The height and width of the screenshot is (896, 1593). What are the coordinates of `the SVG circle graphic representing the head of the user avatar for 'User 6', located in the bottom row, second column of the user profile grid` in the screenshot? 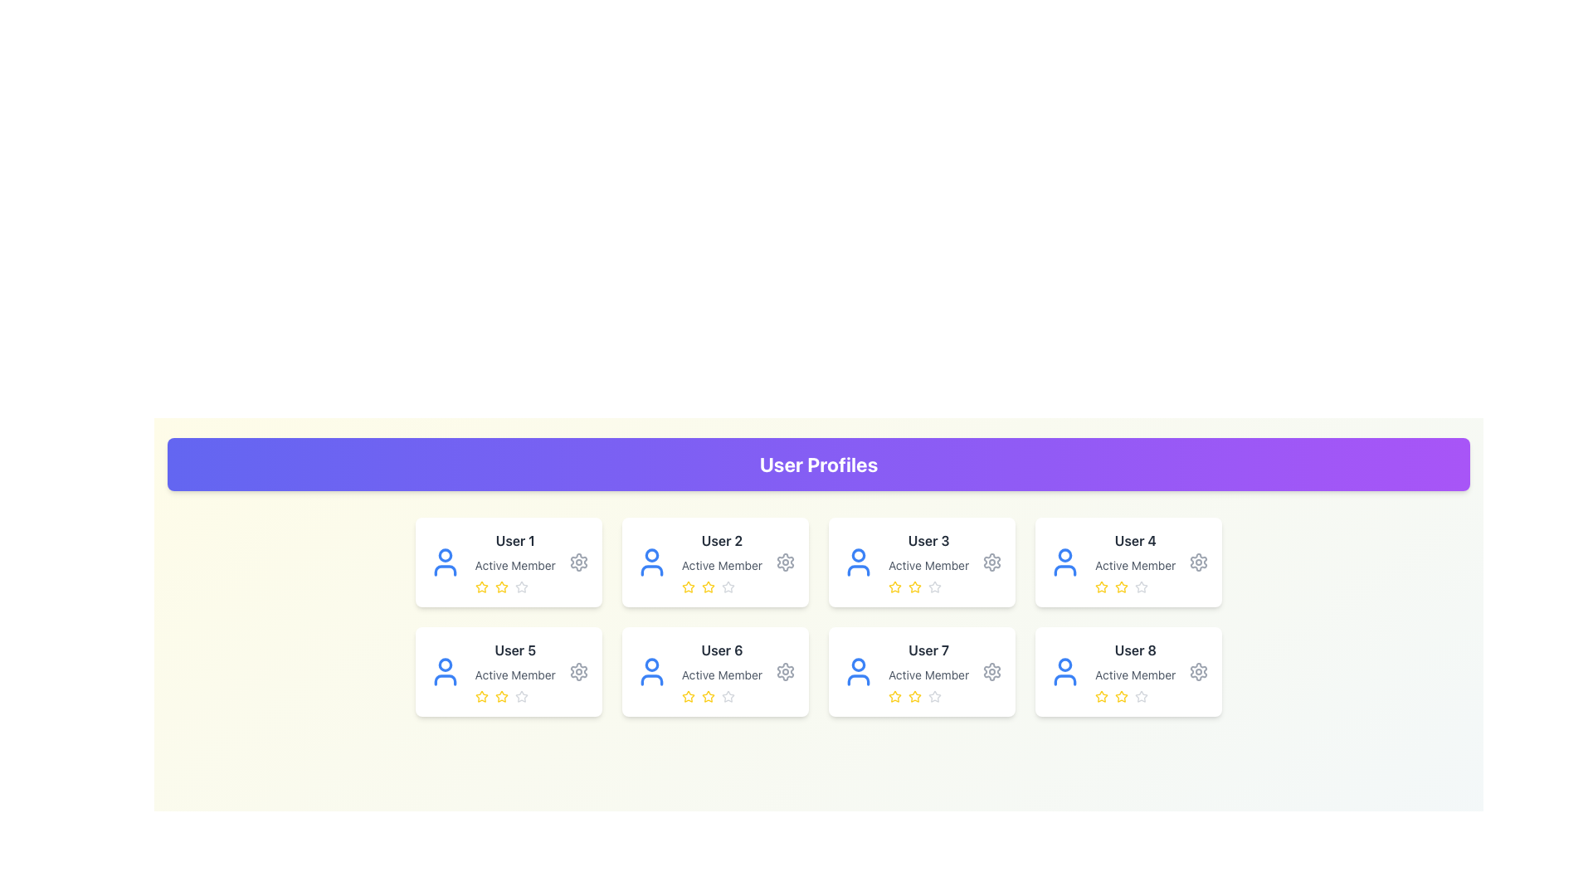 It's located at (650, 664).